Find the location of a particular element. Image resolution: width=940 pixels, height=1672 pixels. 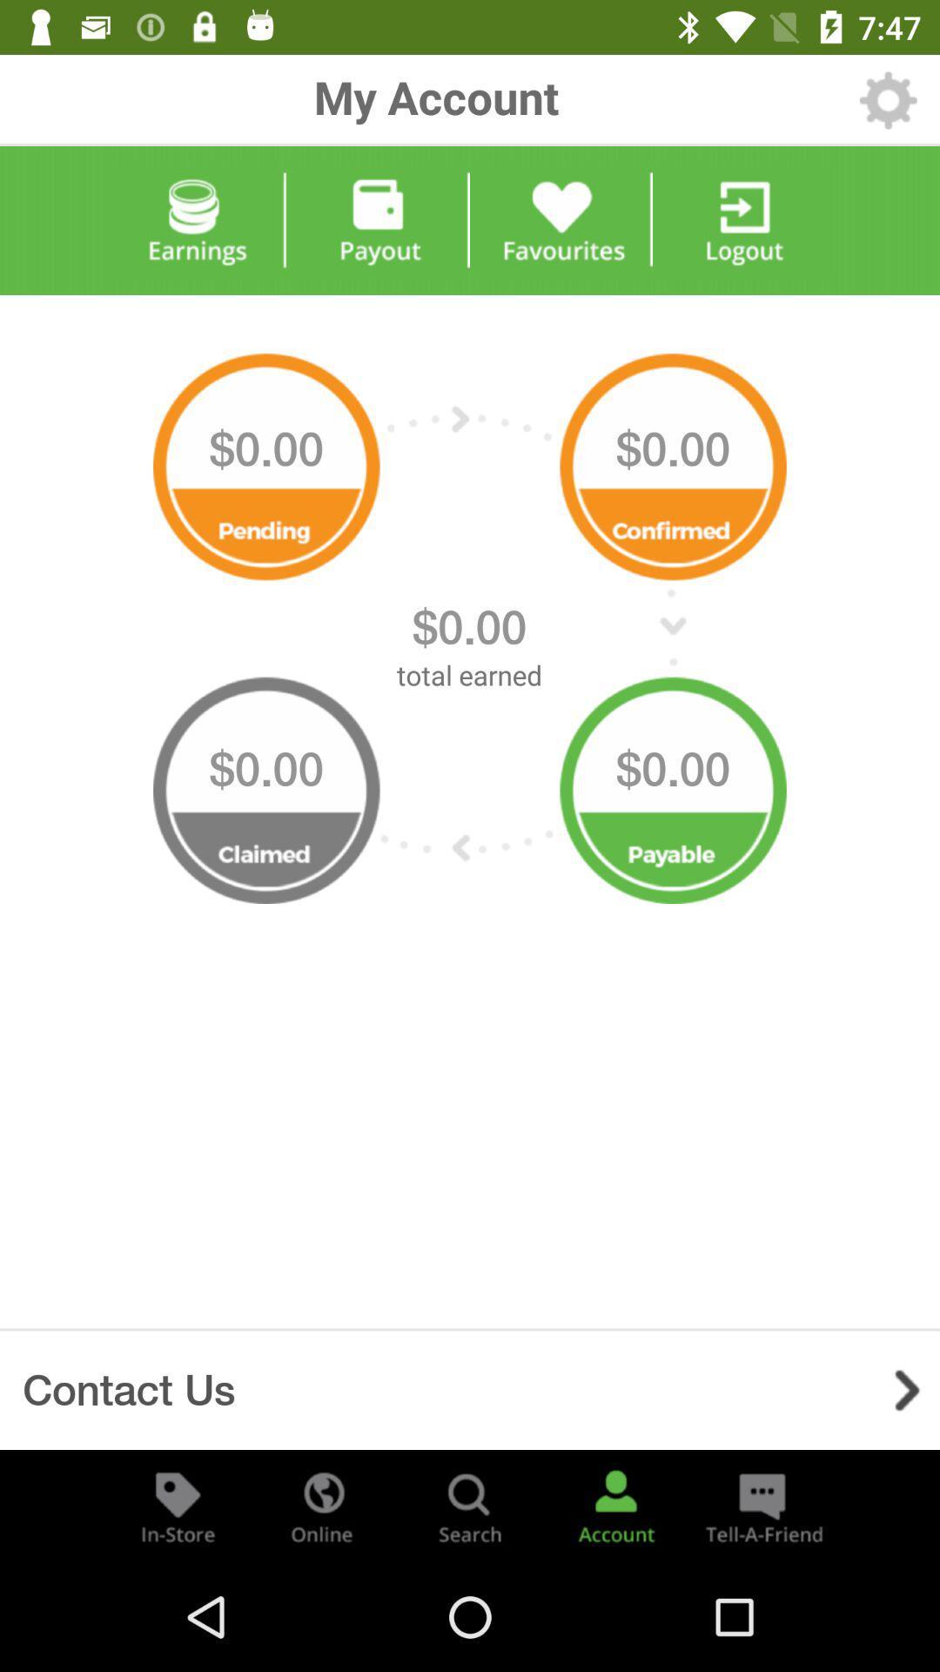

option to search is located at coordinates (470, 1505).